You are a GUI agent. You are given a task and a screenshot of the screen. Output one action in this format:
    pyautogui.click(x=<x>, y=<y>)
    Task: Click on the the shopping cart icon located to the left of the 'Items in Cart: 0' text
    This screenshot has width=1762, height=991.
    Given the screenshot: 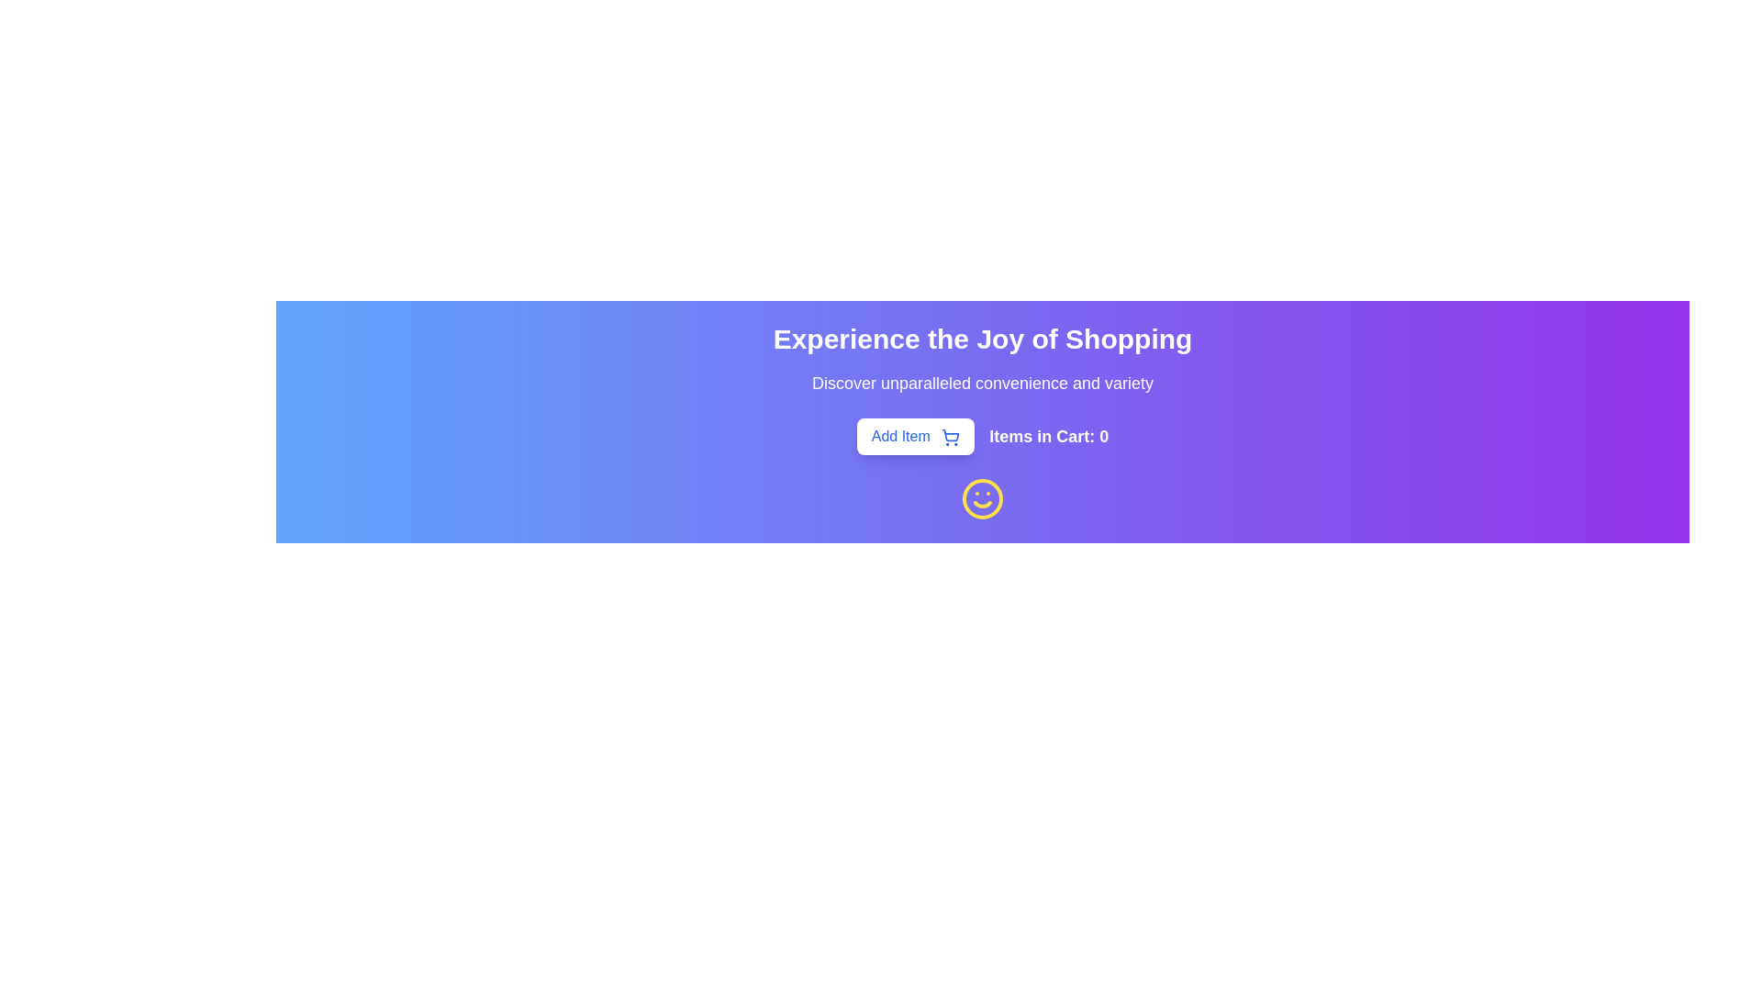 What is the action you would take?
    pyautogui.click(x=951, y=435)
    